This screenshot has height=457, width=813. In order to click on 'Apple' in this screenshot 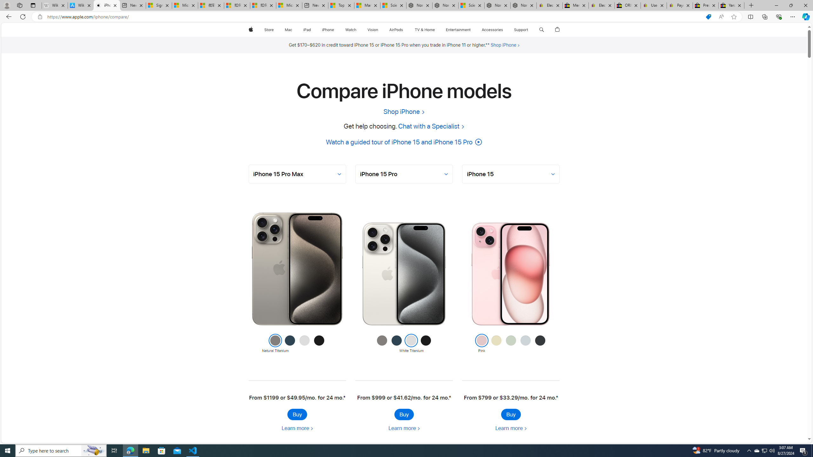, I will do `click(250, 30)`.